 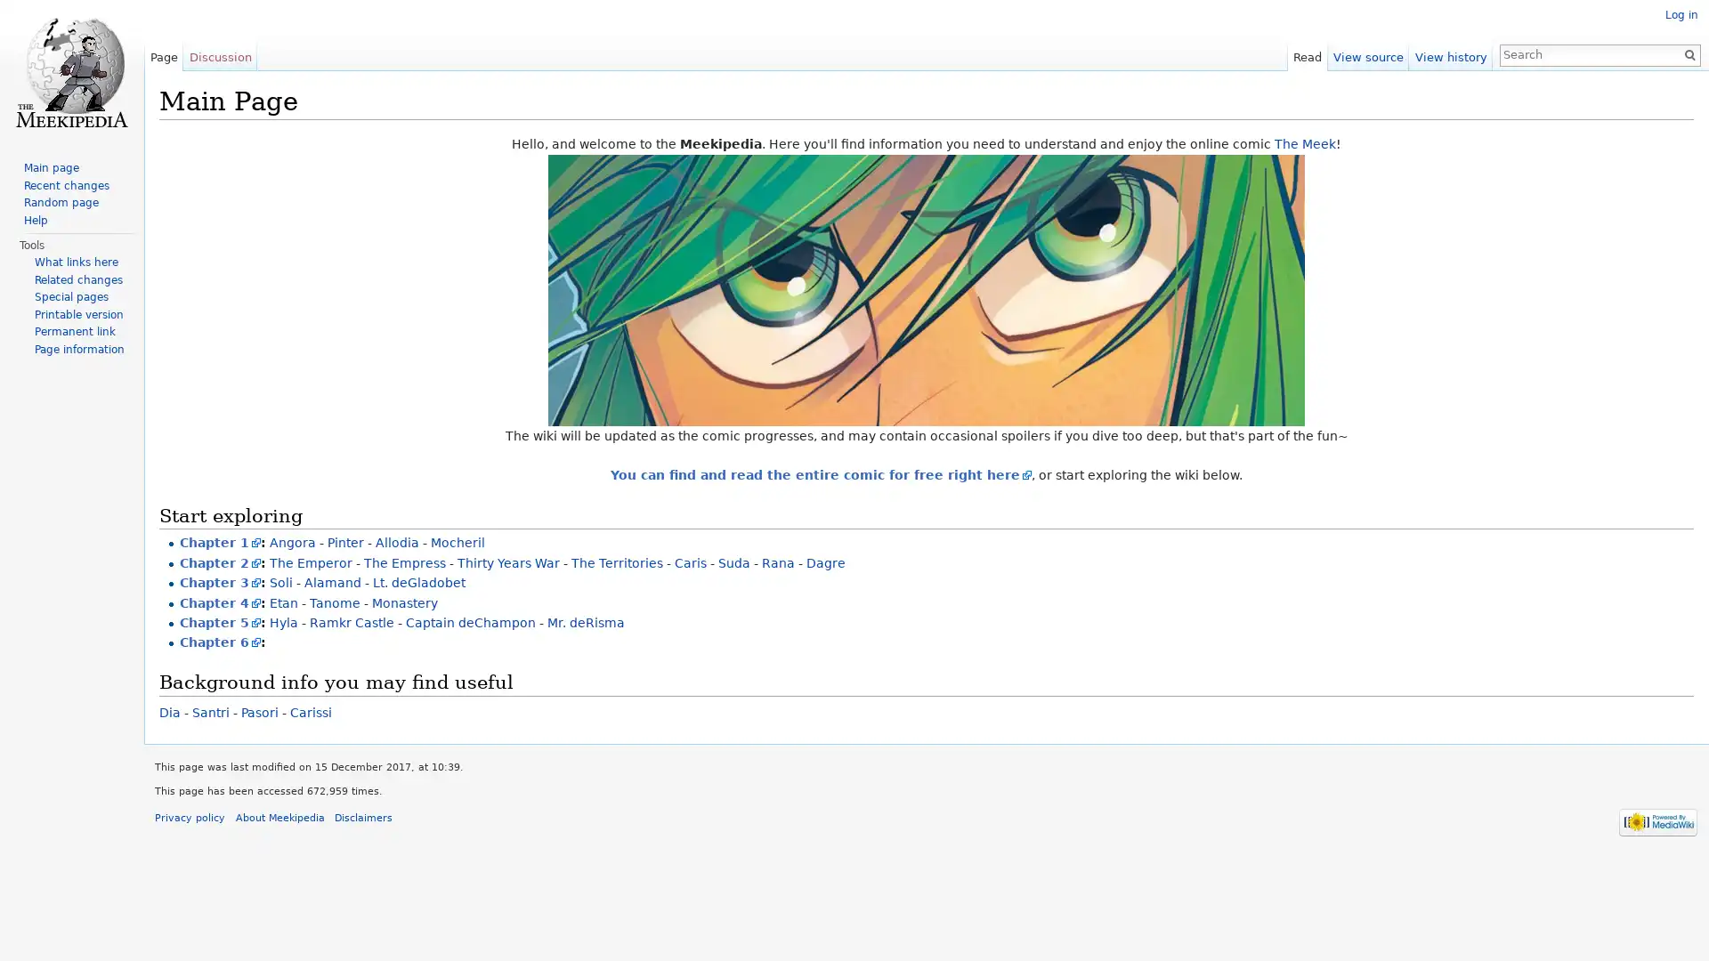 What do you see at coordinates (1682, 53) in the screenshot?
I see `Go` at bounding box center [1682, 53].